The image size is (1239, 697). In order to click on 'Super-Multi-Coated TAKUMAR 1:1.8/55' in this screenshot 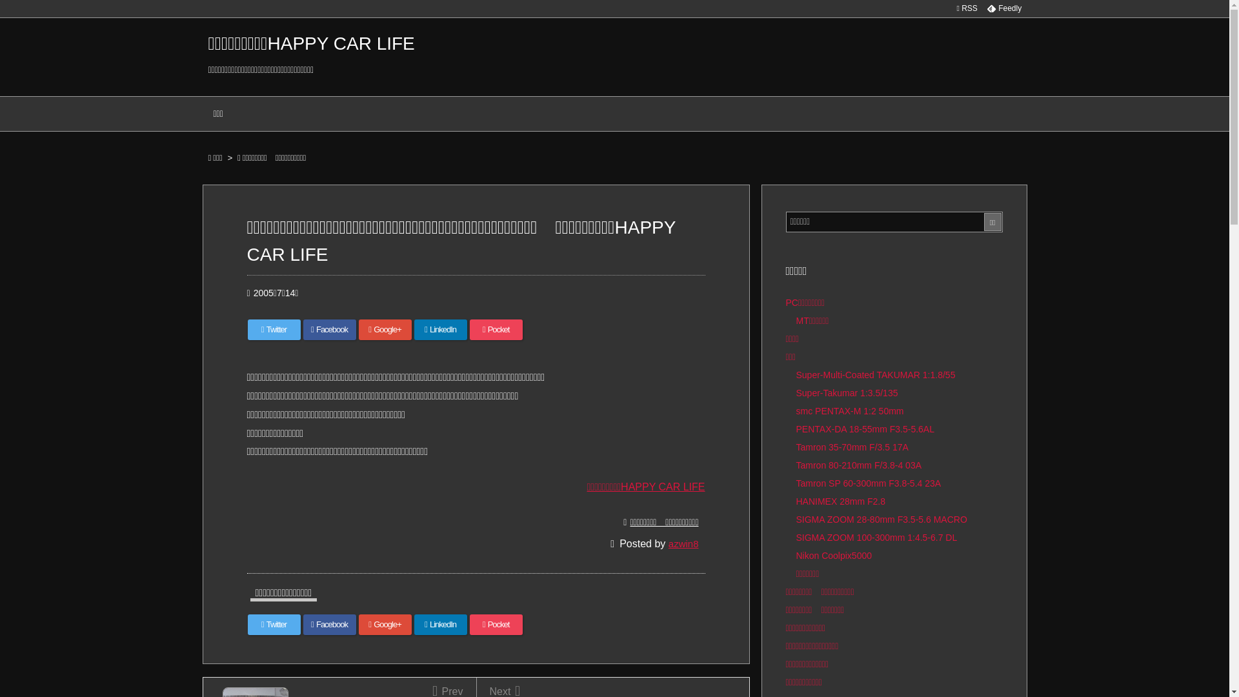, I will do `click(876, 375)`.